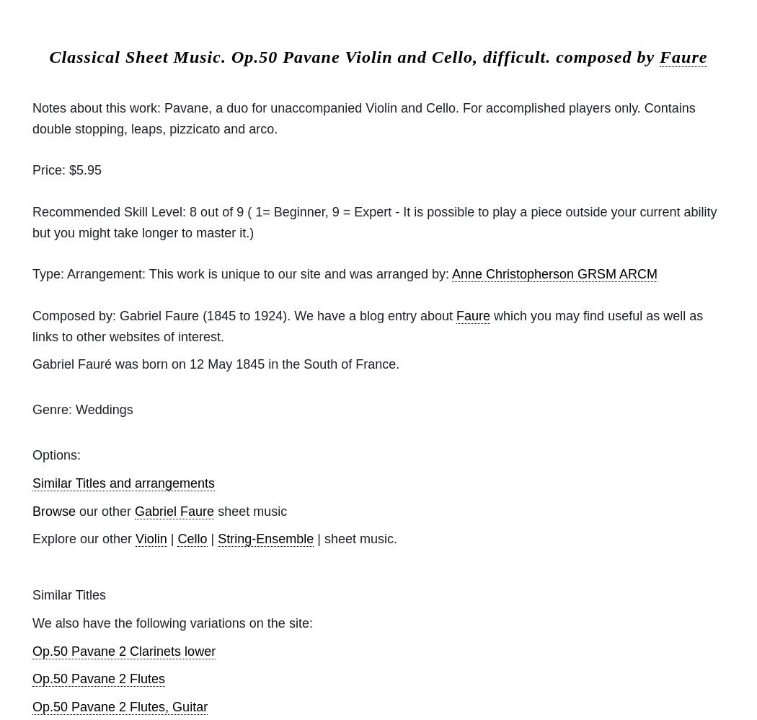 This screenshot has width=757, height=720. What do you see at coordinates (101, 408) in the screenshot?
I see `'Weddings'` at bounding box center [101, 408].